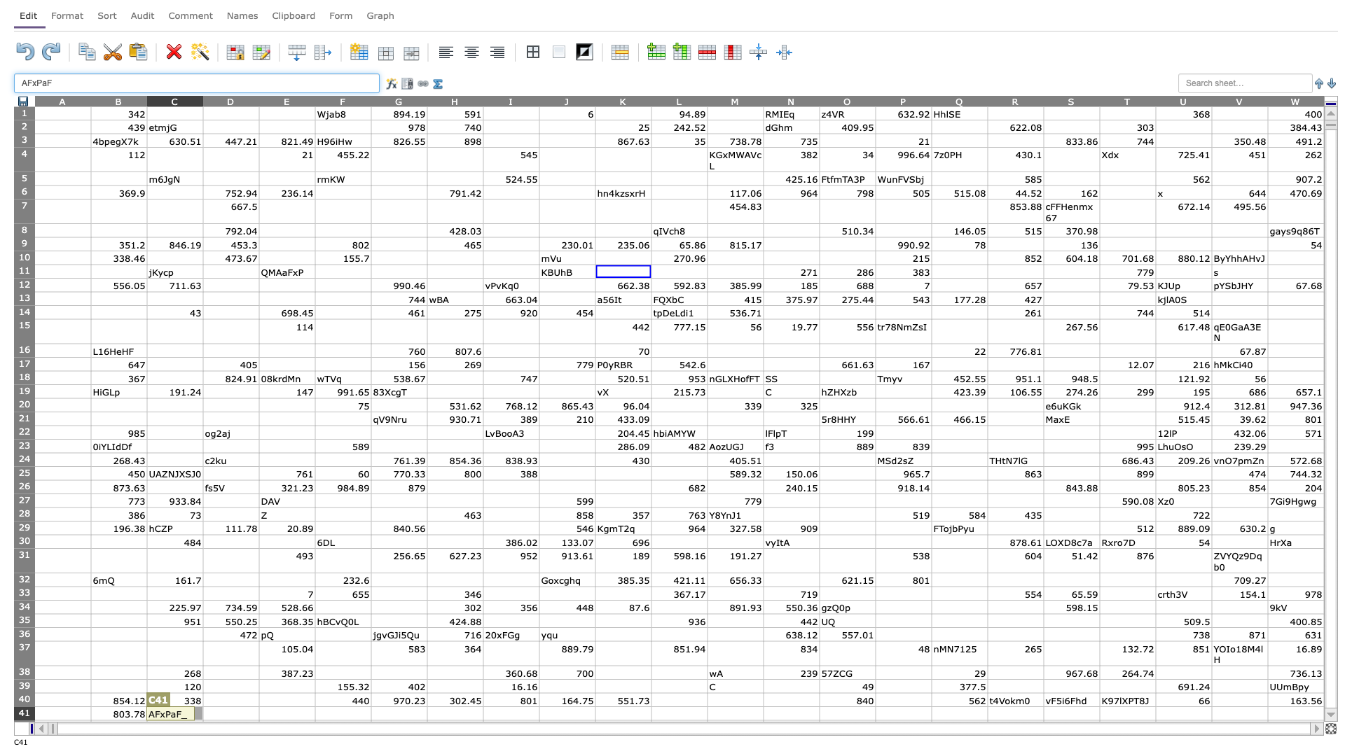 Image resolution: width=1345 pixels, height=756 pixels. Describe the element at coordinates (202, 713) in the screenshot. I see `Left margin of D41` at that location.